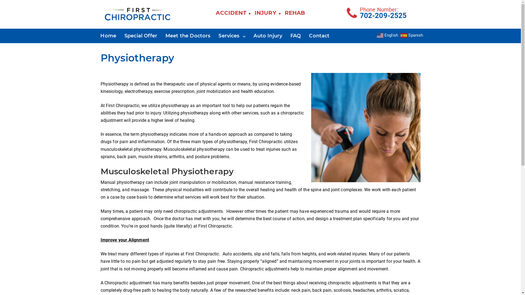  I want to click on 'FAQ', so click(295, 36).